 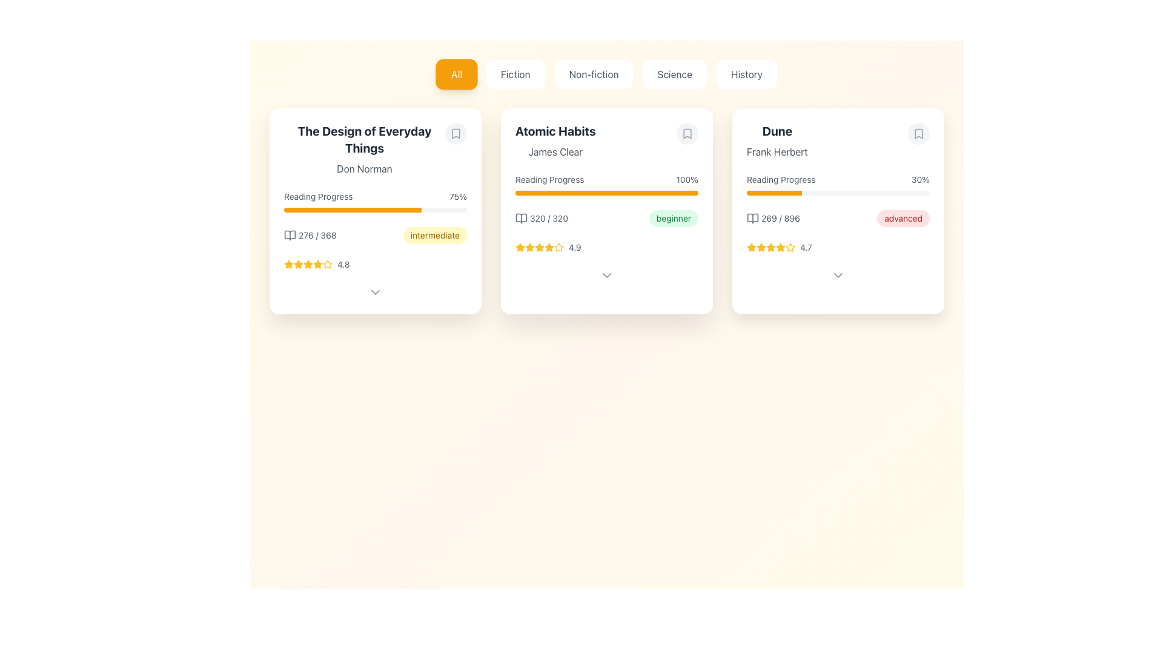 I want to click on the reading progress bar, so click(x=337, y=210).